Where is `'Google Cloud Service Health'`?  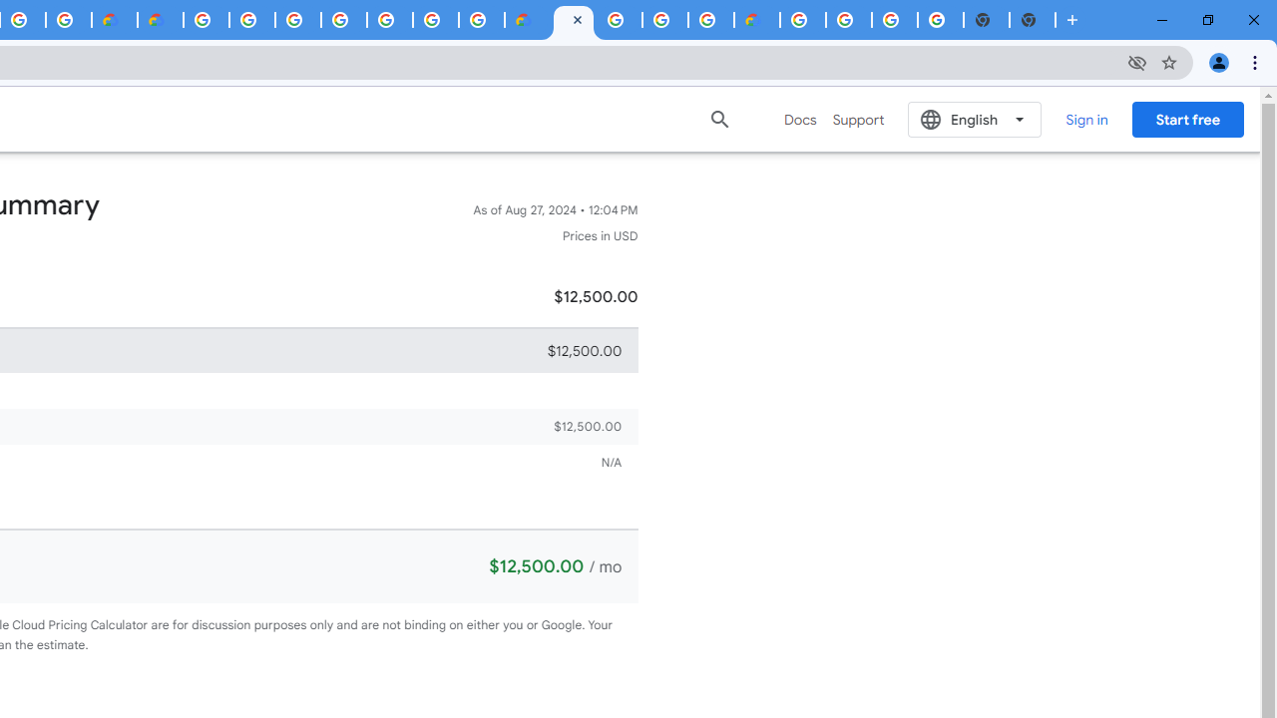
'Google Cloud Service Health' is located at coordinates (756, 20).